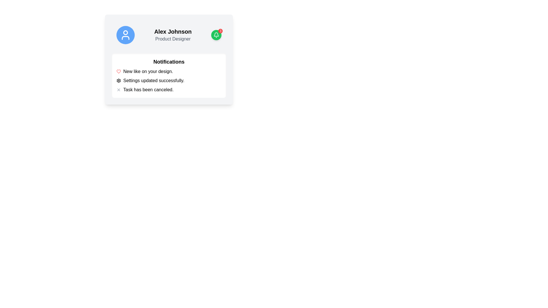 This screenshot has width=548, height=308. What do you see at coordinates (172, 39) in the screenshot?
I see `the text label 'Product Designer' styled in gray font, located directly below 'Alex Johnson' within the profile card interface` at bounding box center [172, 39].